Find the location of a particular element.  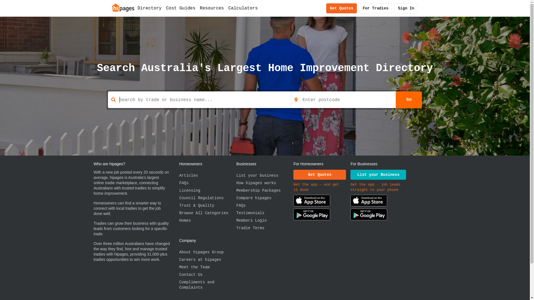

'About hipages Group' is located at coordinates (207, 252).